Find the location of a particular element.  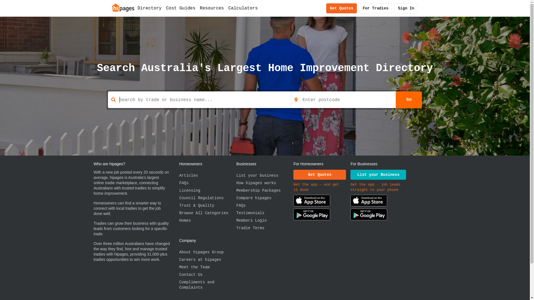

'About hipages Group' is located at coordinates (207, 252).